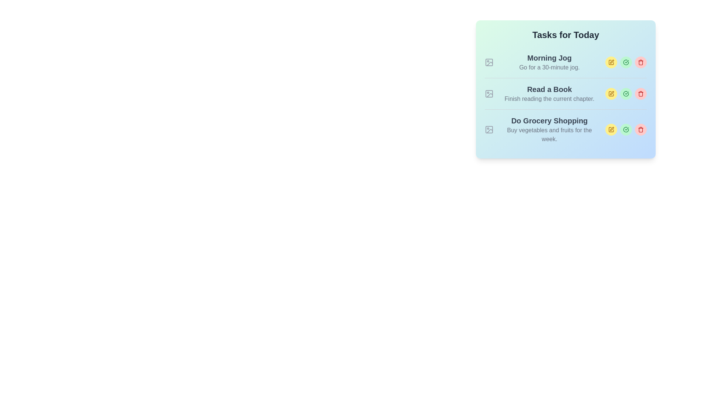  I want to click on the first edit button for the 'Morning Jog' task, so click(611, 62).